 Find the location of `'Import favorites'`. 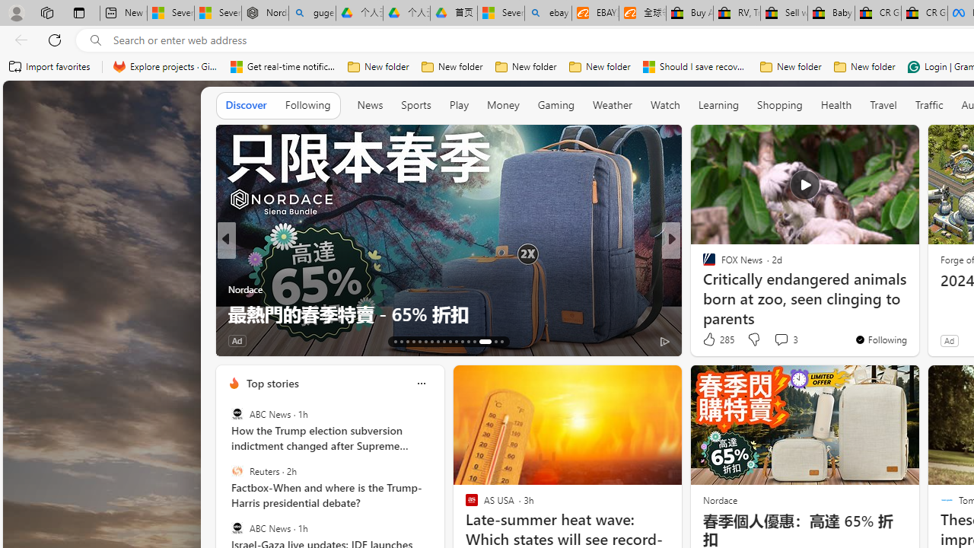

'Import favorites' is located at coordinates (49, 66).